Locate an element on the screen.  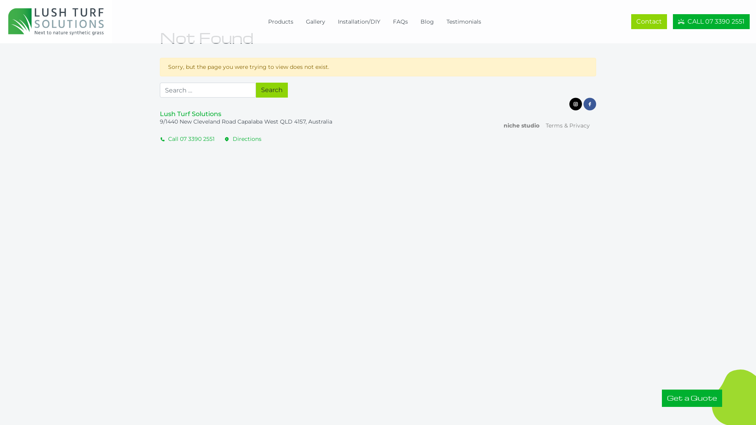
'niche studio' is located at coordinates (518, 125).